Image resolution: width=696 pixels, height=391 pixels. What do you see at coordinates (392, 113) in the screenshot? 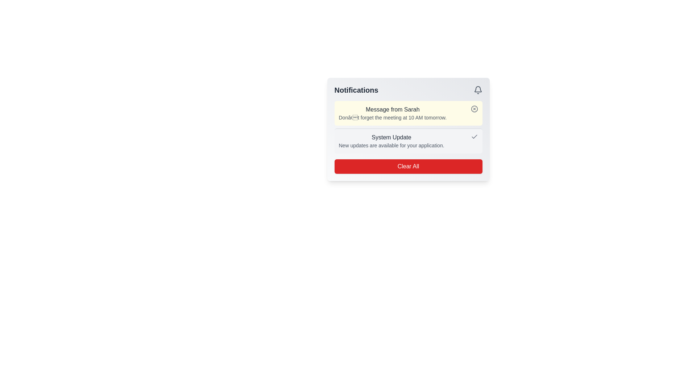
I see `text content of the text block titled 'Message from Sarah' which contains the message 'Don’t forget the meeting at 10 AM tomorrow.'` at bounding box center [392, 113].